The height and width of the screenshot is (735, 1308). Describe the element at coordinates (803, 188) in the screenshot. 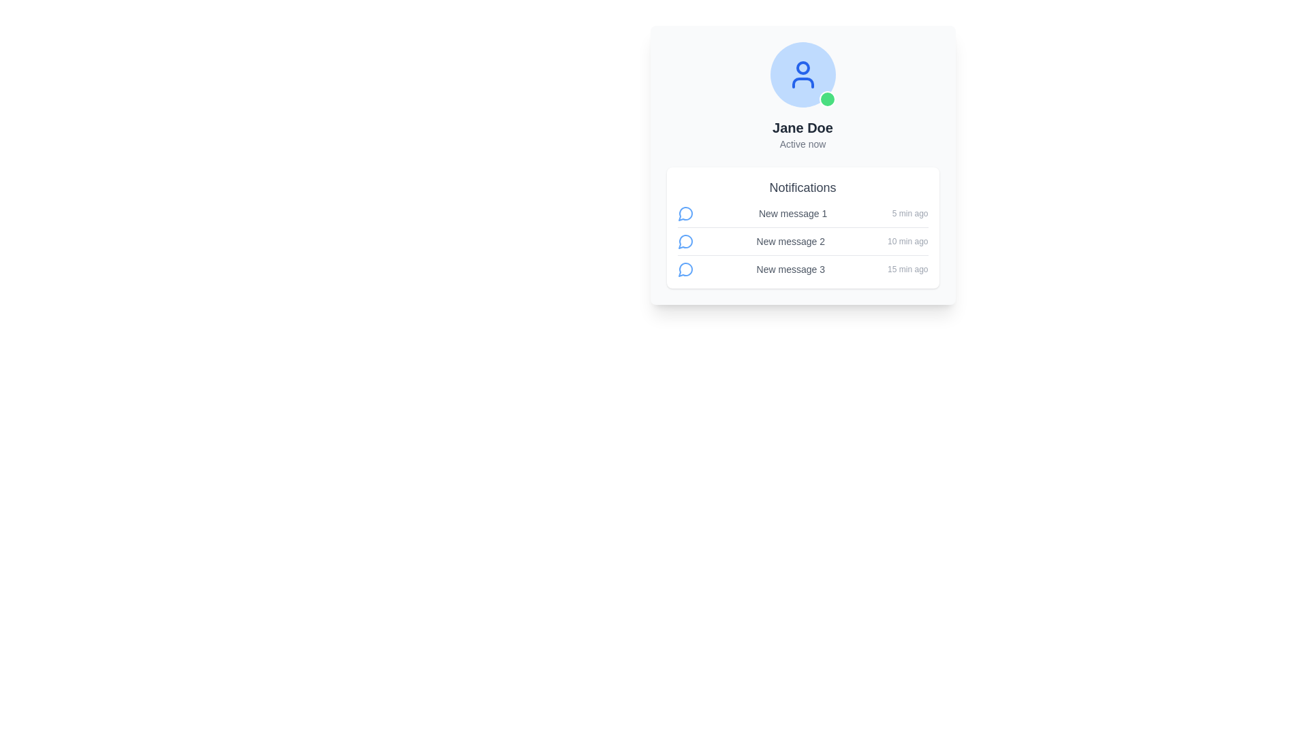

I see `the 'Notifications' text element, which is styled with a medium-sized gray font and positioned at the top of a notification card, above a list of messages` at that location.